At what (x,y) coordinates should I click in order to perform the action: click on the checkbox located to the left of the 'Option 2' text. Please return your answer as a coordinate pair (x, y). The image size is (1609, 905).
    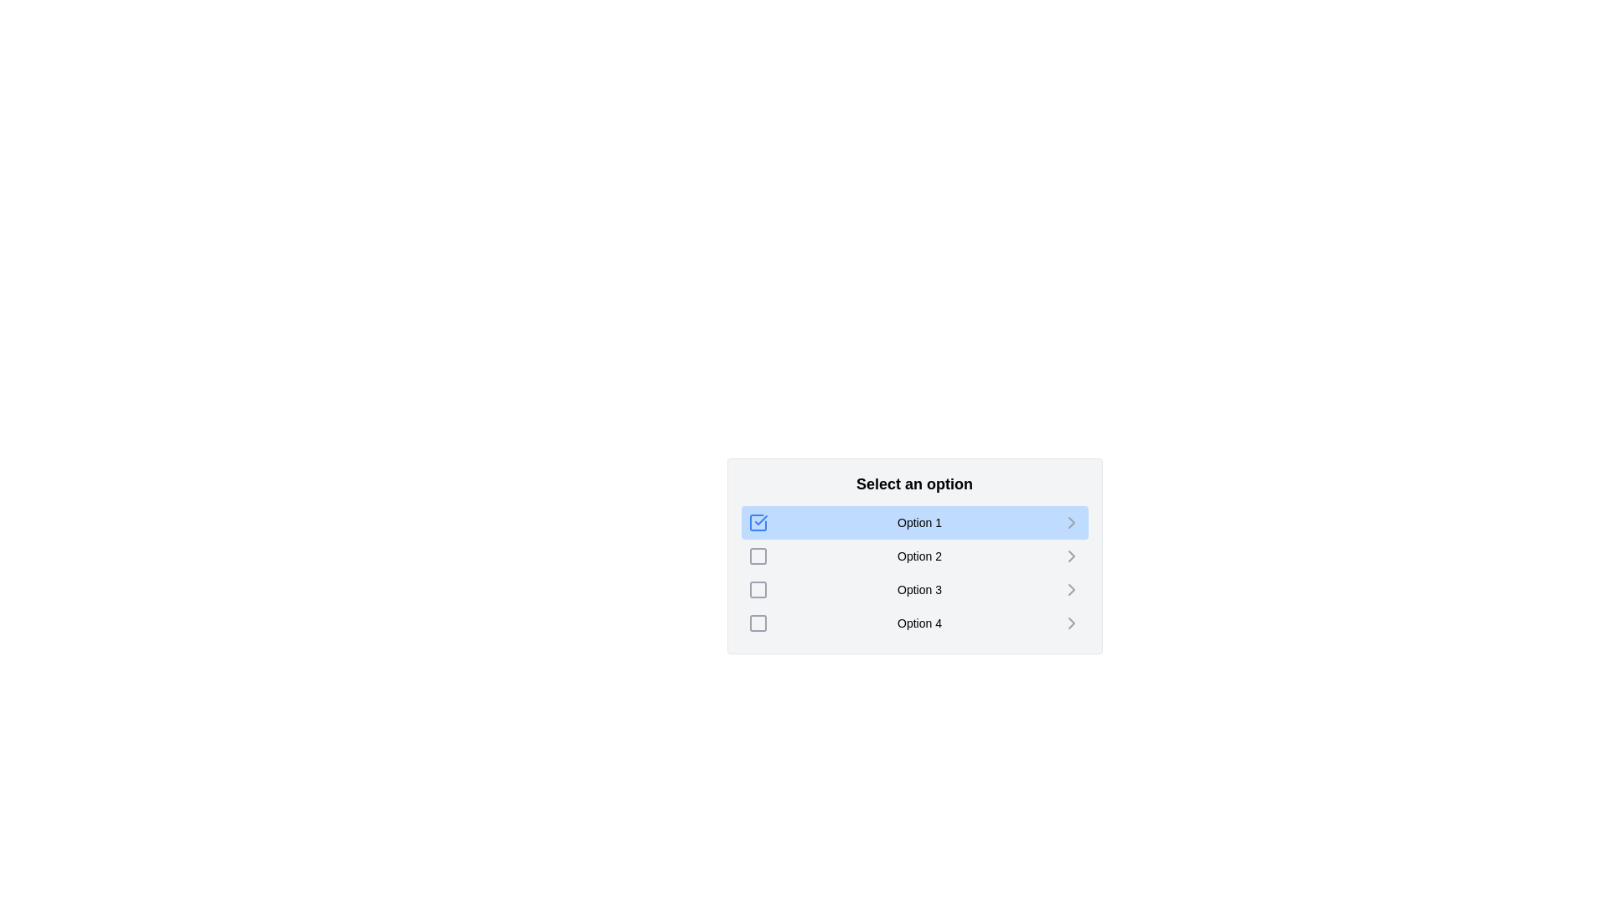
    Looking at the image, I should click on (757, 556).